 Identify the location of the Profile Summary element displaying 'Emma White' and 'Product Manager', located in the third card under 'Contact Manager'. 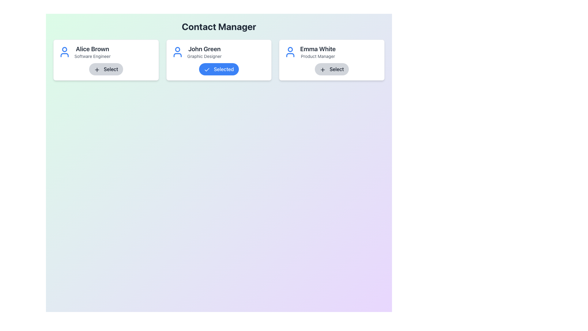
(331, 51).